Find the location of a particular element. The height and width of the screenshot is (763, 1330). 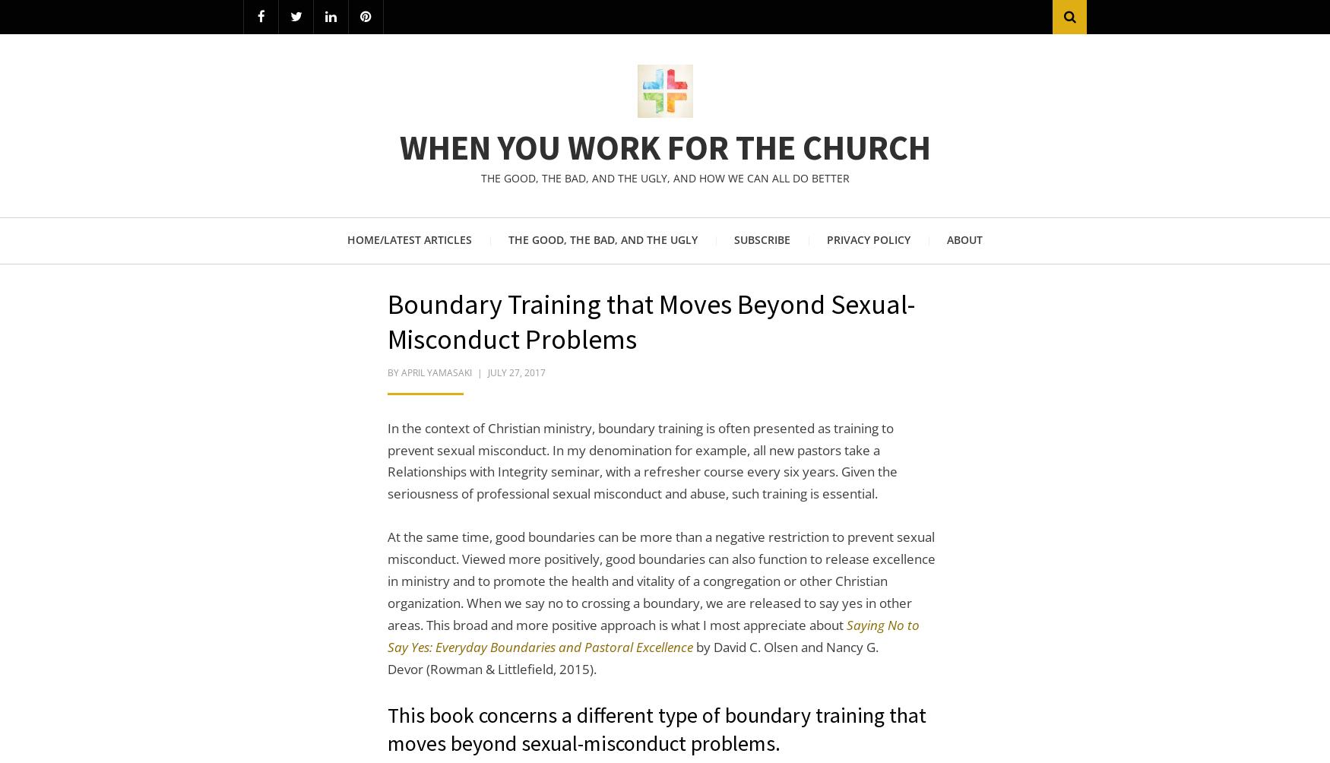

'This book concerns a different type of boundary training that moves beyond sexual-misconduct problems.' is located at coordinates (657, 728).